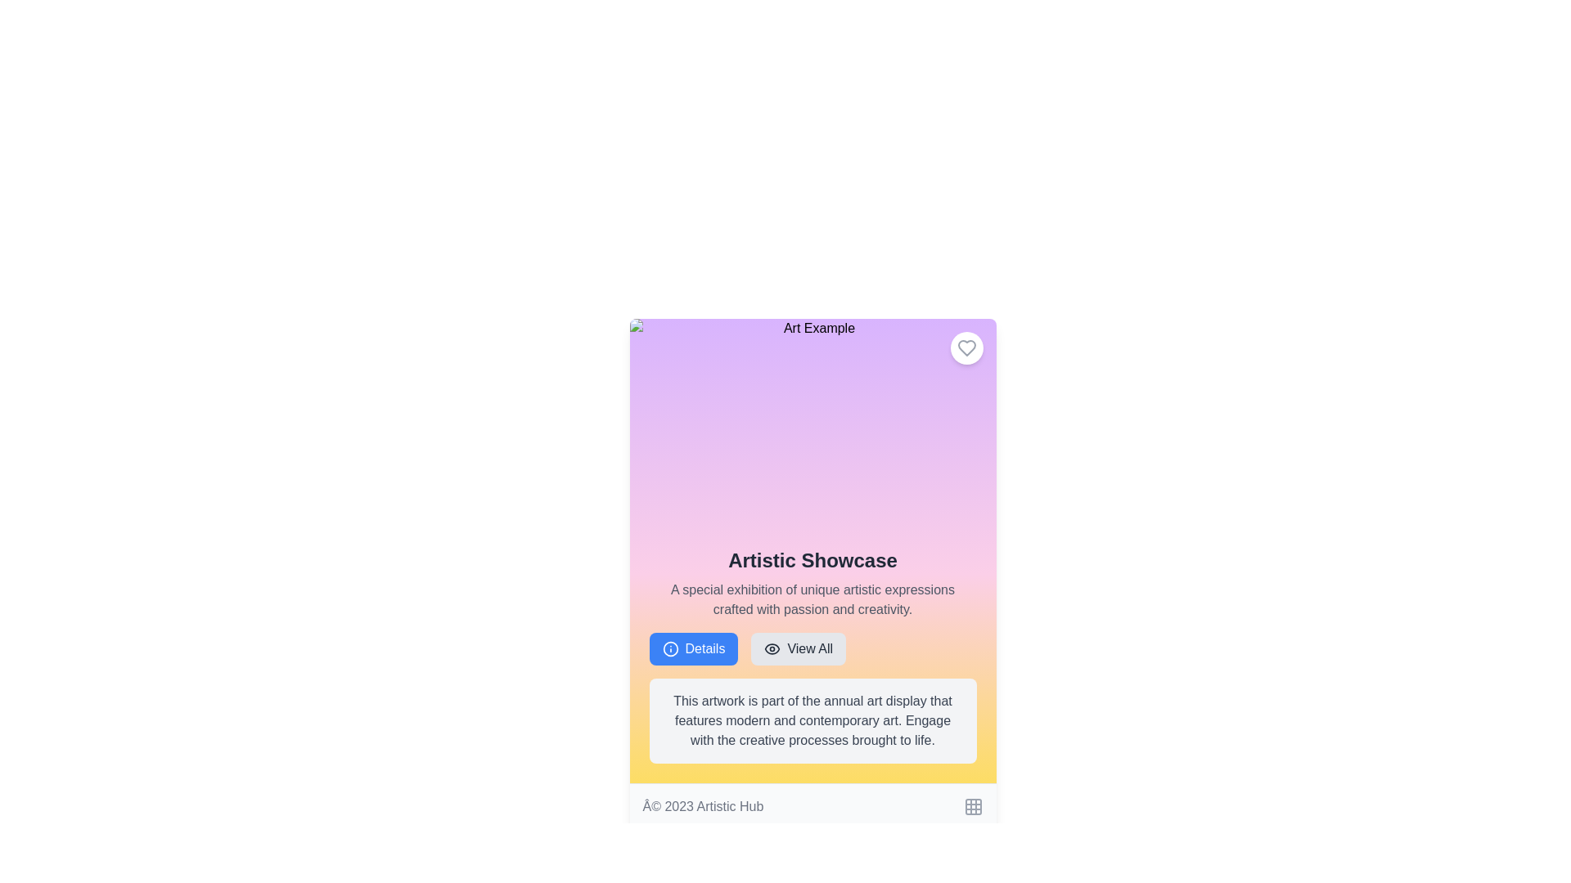 This screenshot has height=883, width=1571. Describe the element at coordinates (813, 648) in the screenshot. I see `the 'View All' button located to the right of the blue 'Details' button` at that location.